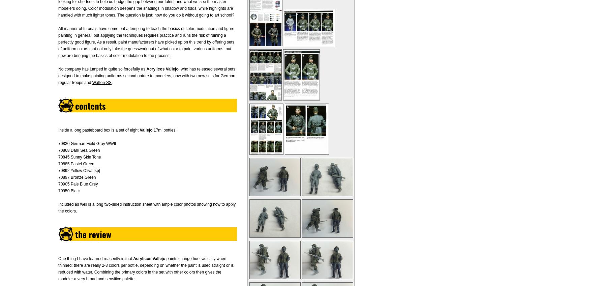 The height and width of the screenshot is (286, 602). Describe the element at coordinates (87, 143) in the screenshot. I see `'70830 German Field Gray WWII'` at that location.